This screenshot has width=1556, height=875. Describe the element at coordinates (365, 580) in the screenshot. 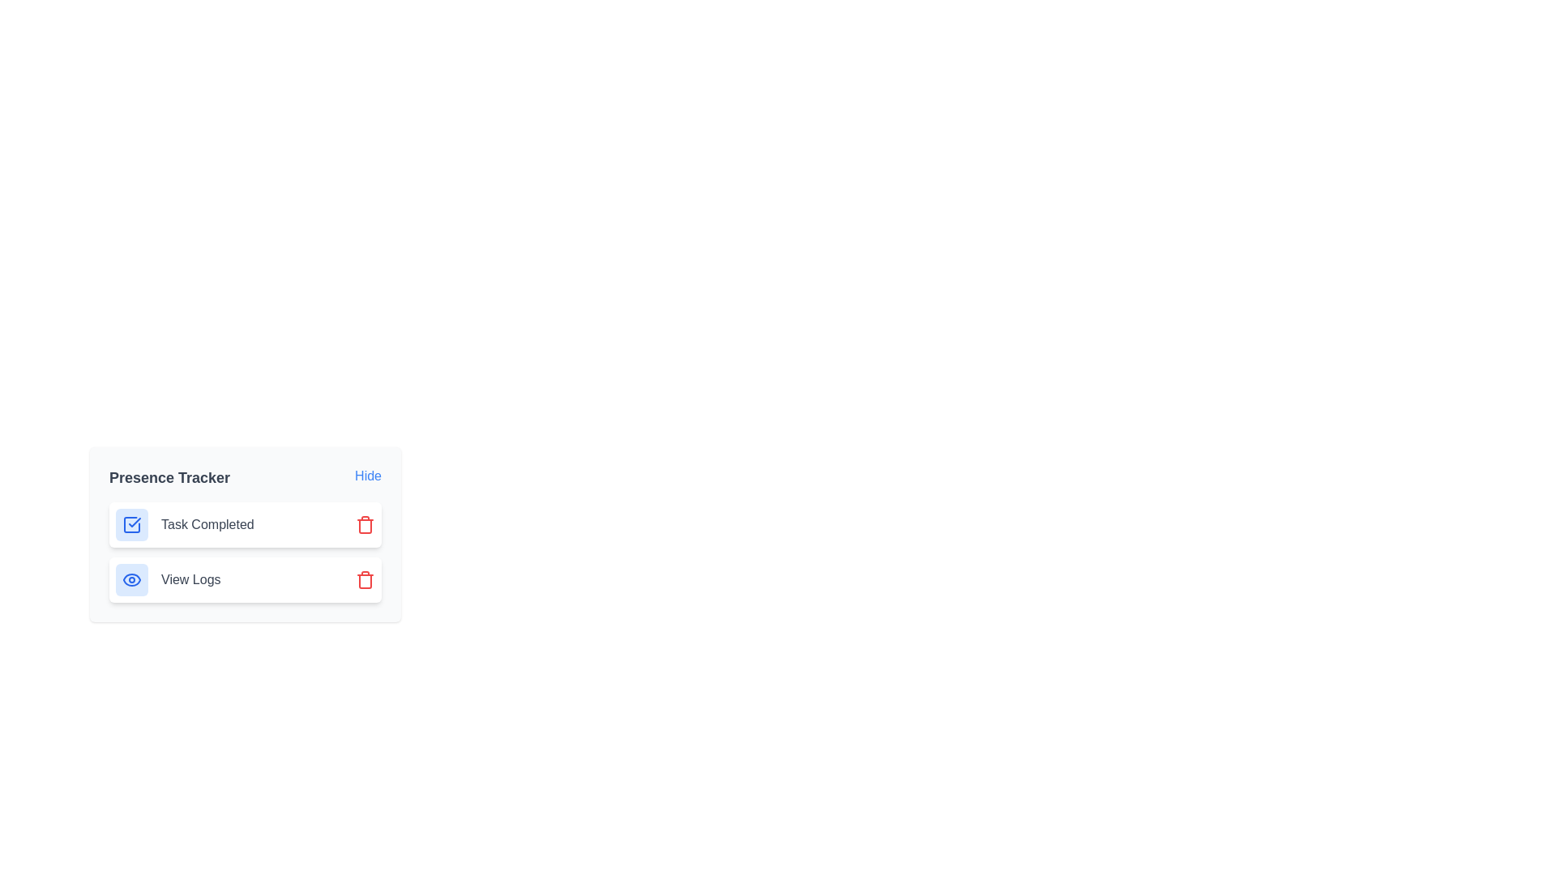

I see `the central vertical bar of the trash can icon, which is part of the red square delete button on the right side of the list entry` at that location.